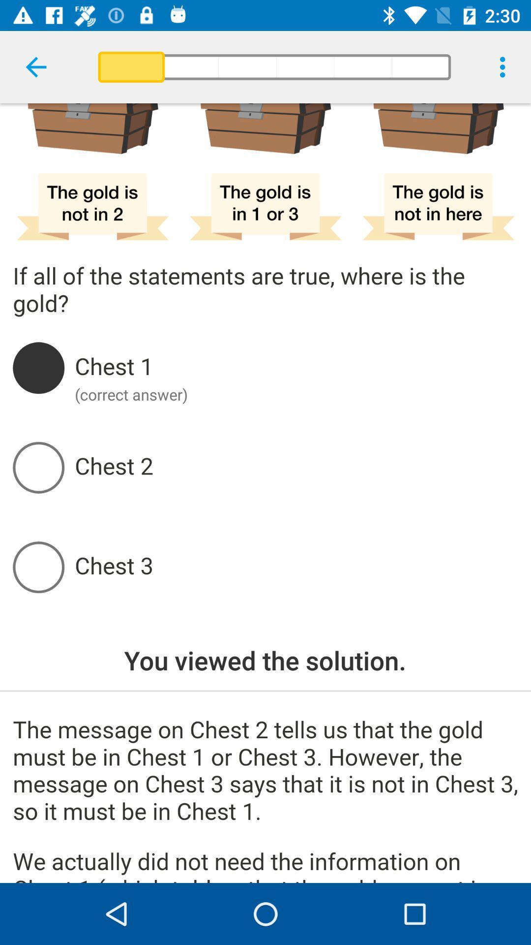 This screenshot has height=945, width=531. I want to click on option two, so click(295, 467).